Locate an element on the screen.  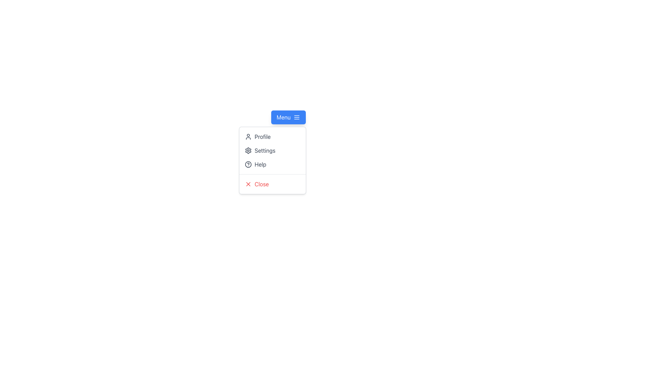
the 'Close' icon located to the left of the text label in the dropdown menu is located at coordinates (248, 184).